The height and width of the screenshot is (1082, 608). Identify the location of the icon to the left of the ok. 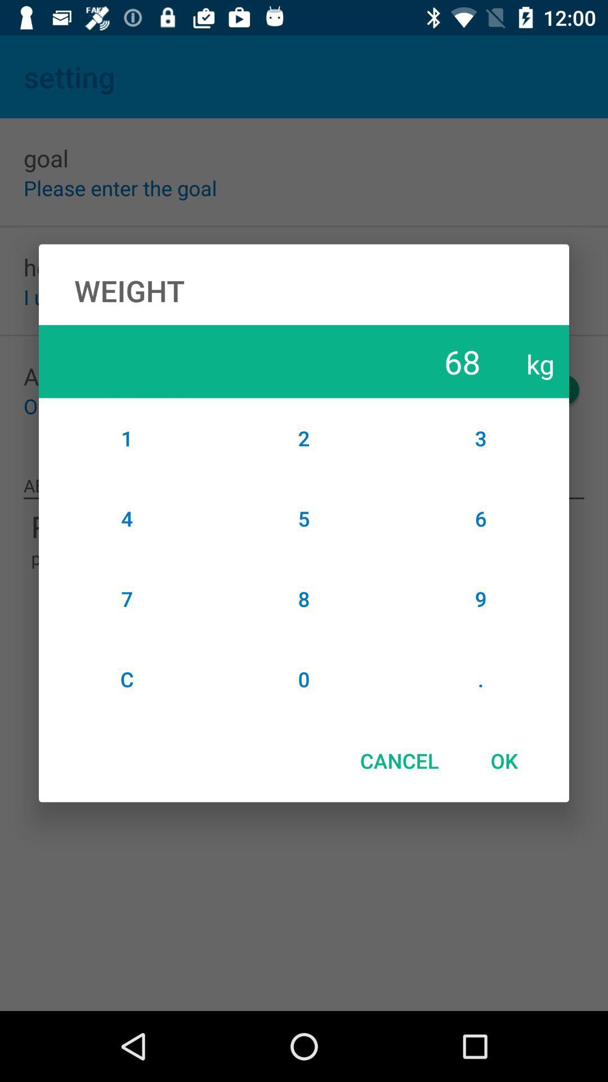
(399, 760).